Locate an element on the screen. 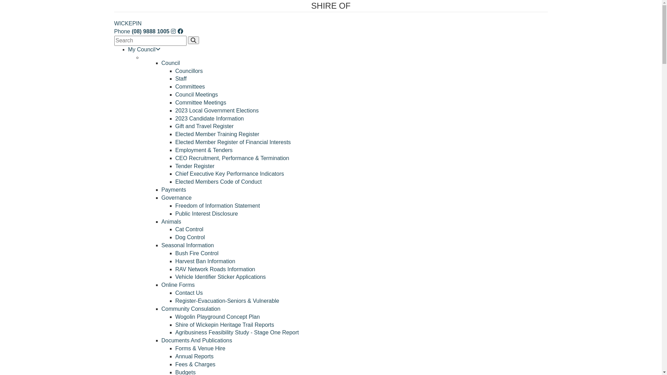 This screenshot has width=667, height=375. 'Fees & Charges' is located at coordinates (195, 364).